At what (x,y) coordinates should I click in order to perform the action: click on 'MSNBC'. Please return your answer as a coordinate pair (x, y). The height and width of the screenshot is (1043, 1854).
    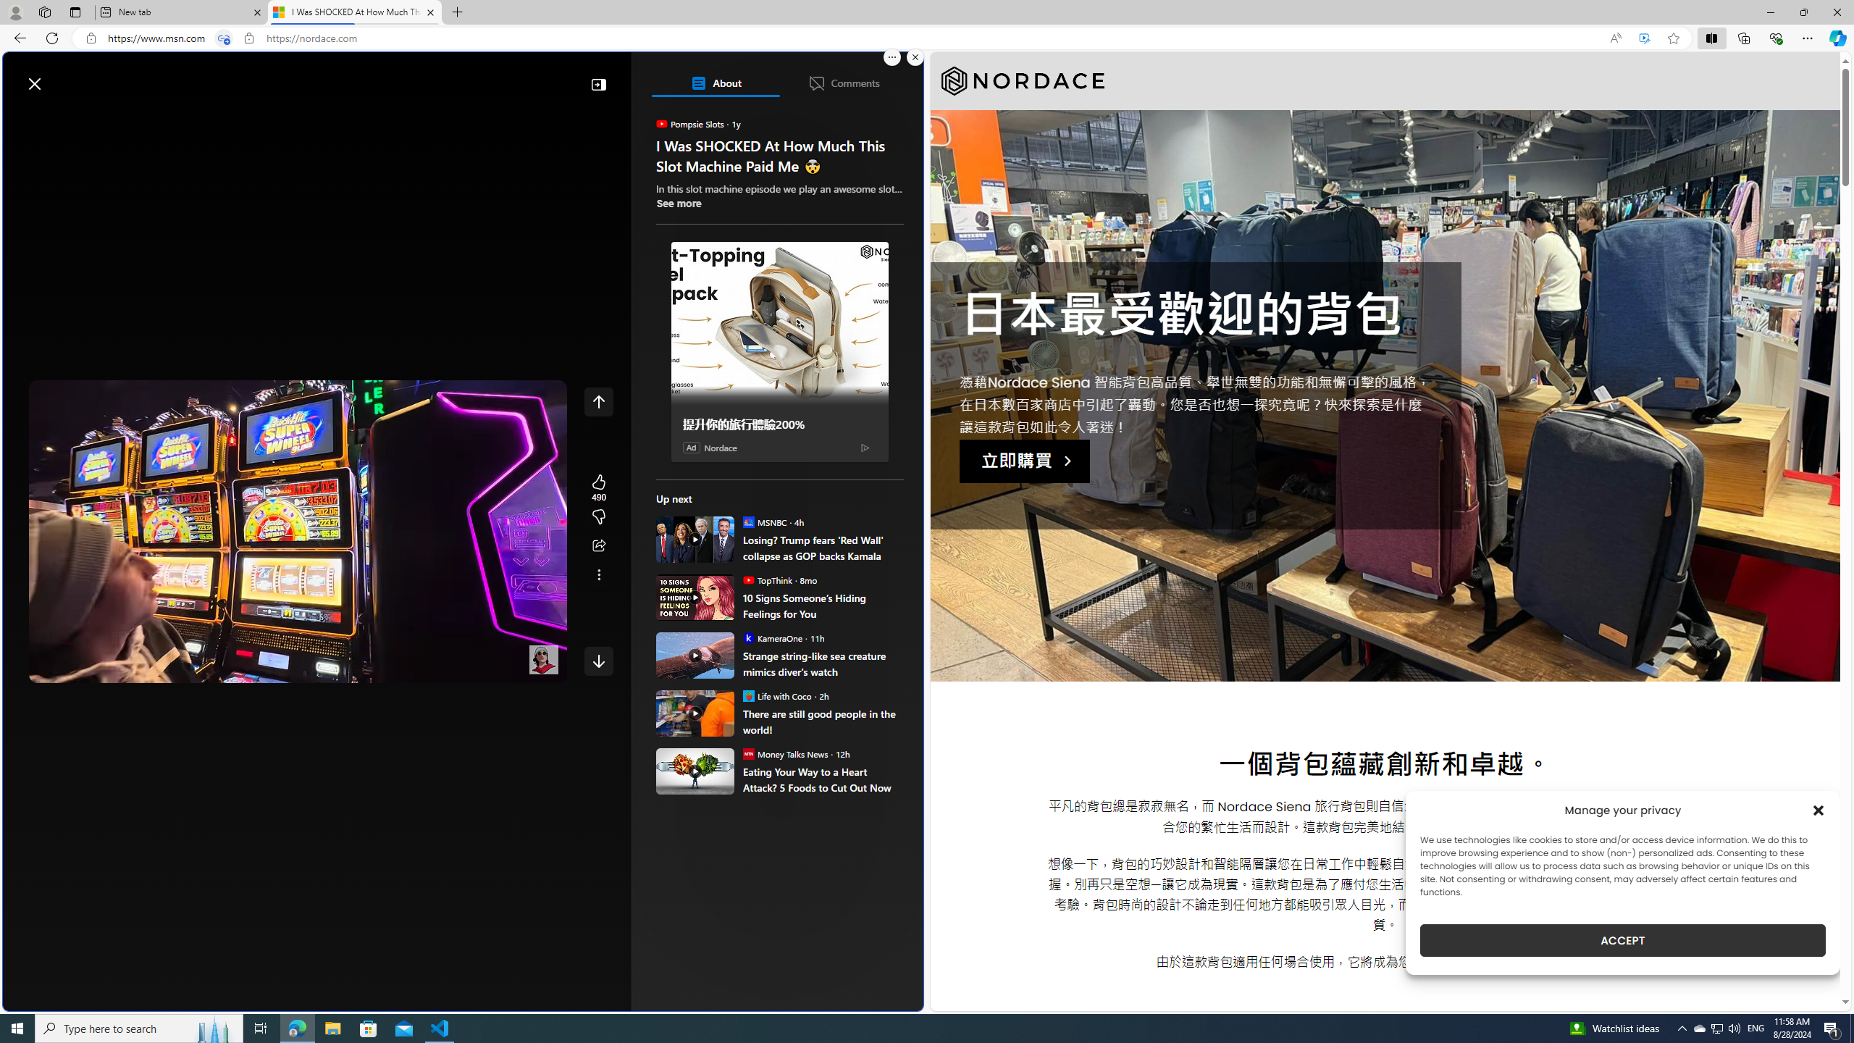
    Looking at the image, I should click on (747, 521).